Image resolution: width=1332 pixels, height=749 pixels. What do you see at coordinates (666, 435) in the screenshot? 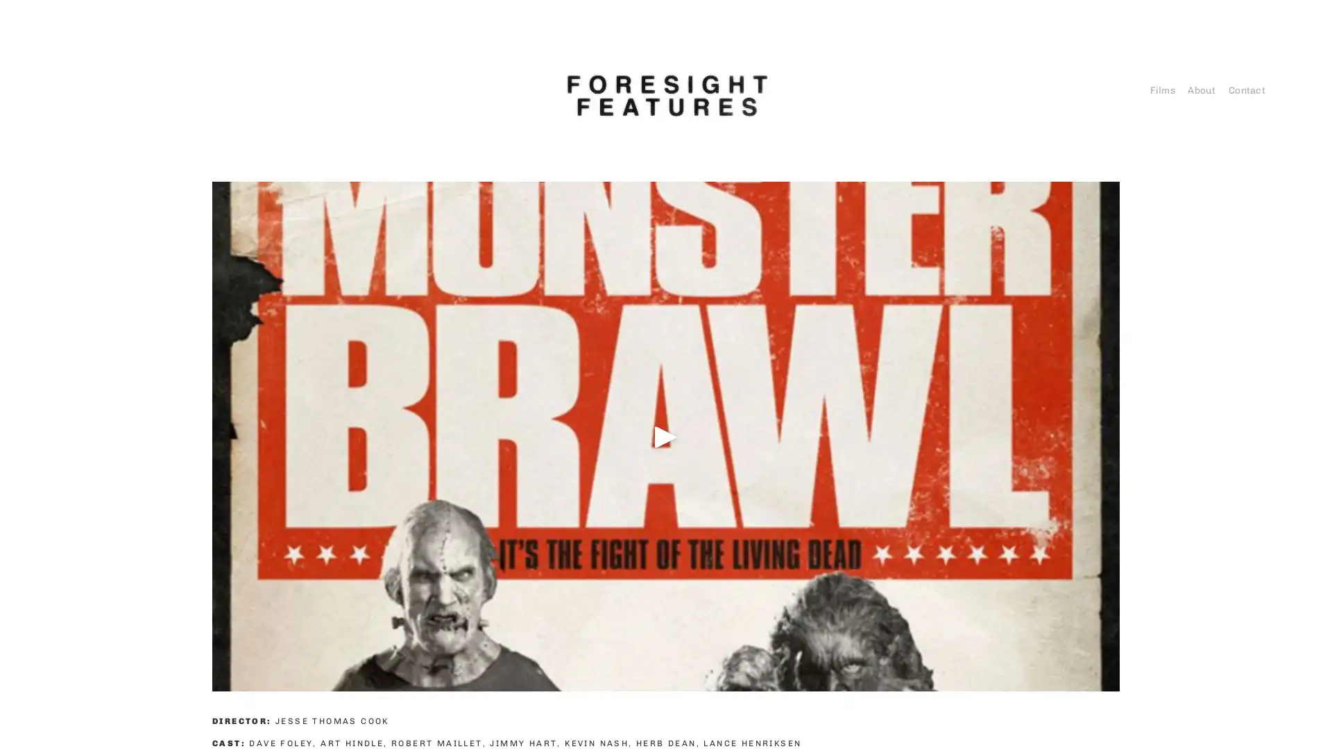
I see `Play` at bounding box center [666, 435].